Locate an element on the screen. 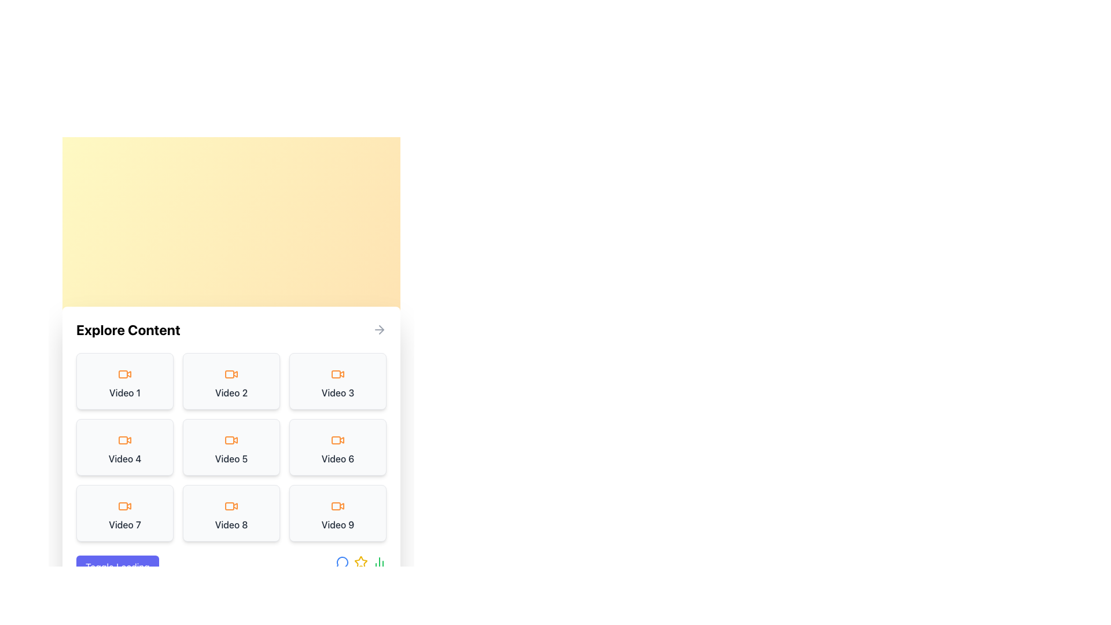  the triangular part of the video camera icon located under the card labeled 'Video 5' in the second row and second column of the grid layout is located at coordinates (235, 439).